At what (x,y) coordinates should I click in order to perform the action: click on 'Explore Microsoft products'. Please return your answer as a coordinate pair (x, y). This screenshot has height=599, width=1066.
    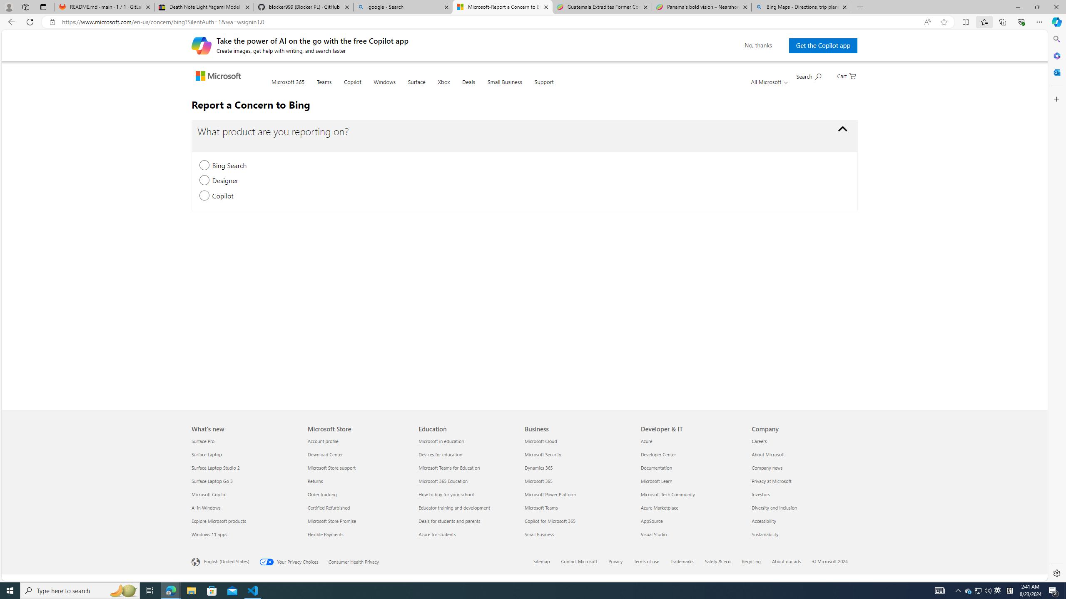
    Looking at the image, I should click on (244, 521).